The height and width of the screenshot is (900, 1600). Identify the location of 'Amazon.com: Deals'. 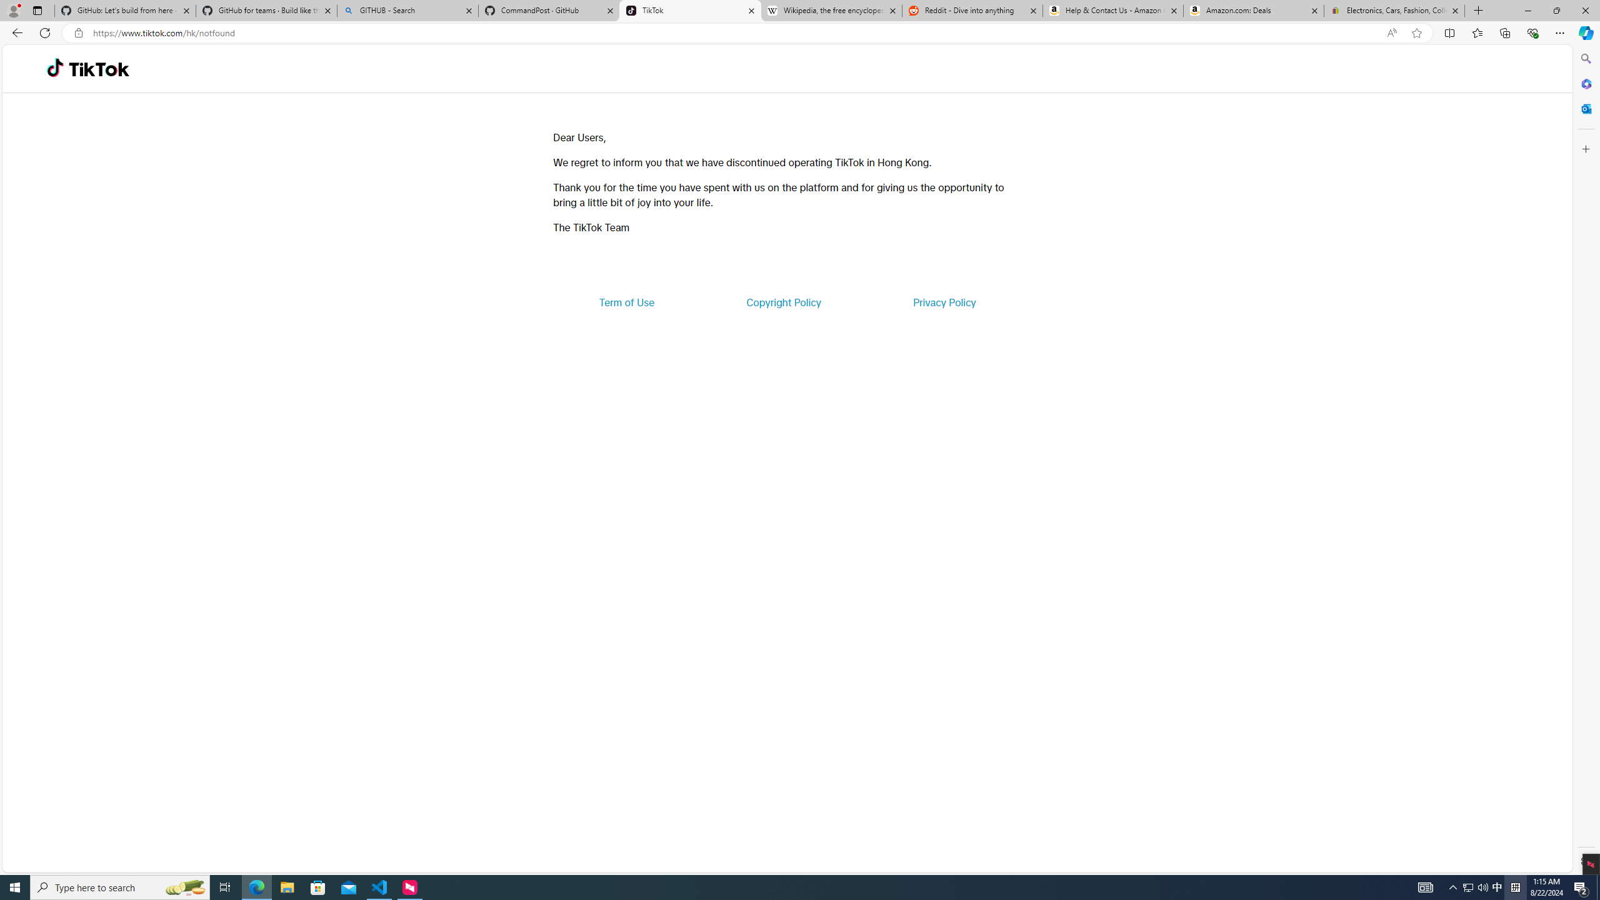
(1253, 10).